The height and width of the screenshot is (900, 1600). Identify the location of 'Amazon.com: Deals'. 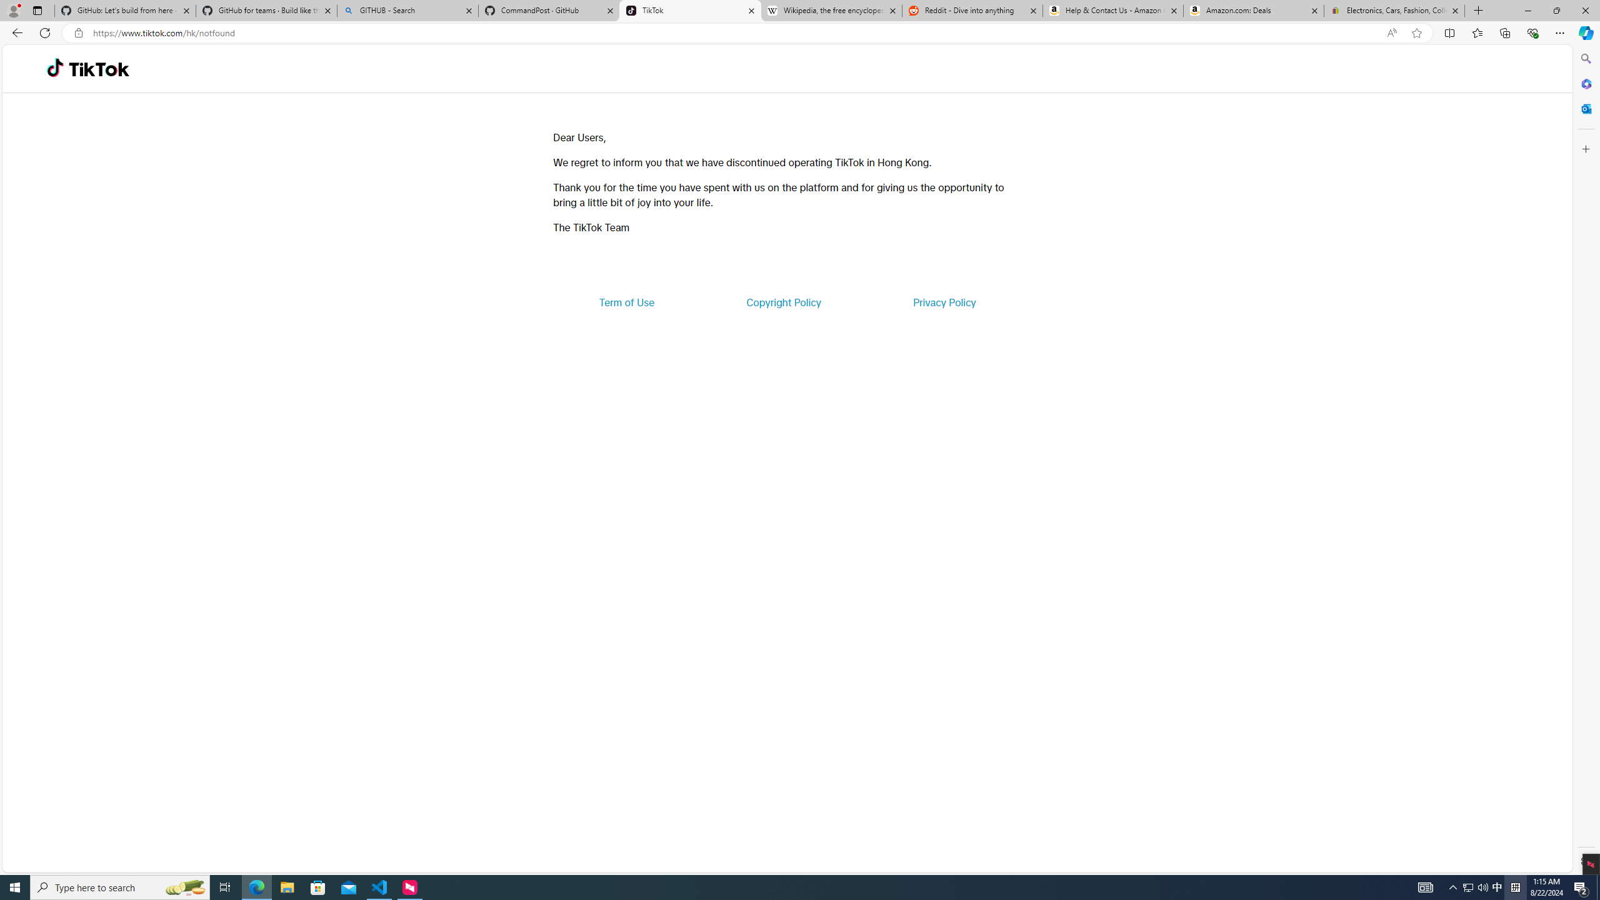
(1253, 10).